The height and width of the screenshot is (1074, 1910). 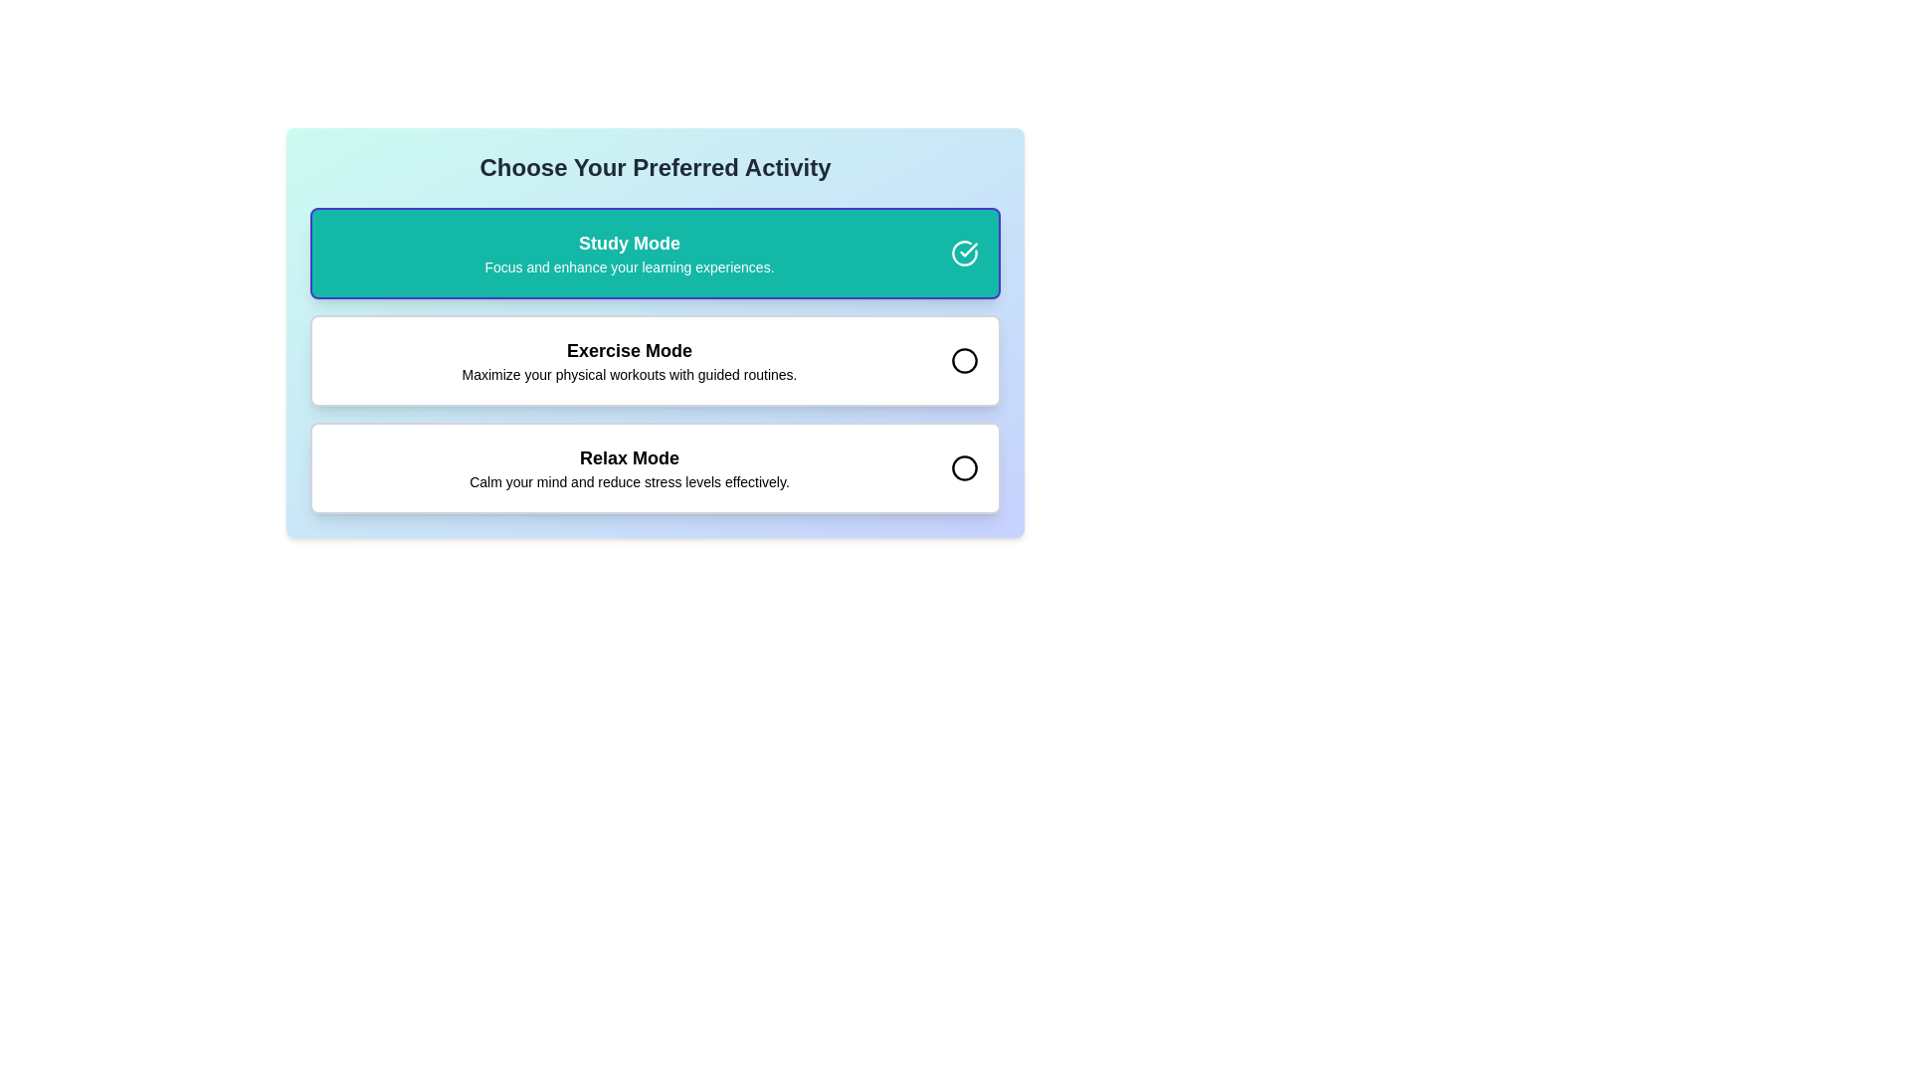 What do you see at coordinates (655, 252) in the screenshot?
I see `the 'Study Mode' button, which is a rectangular button with a teal background and white text, featuring a checkmark icon on its right side` at bounding box center [655, 252].